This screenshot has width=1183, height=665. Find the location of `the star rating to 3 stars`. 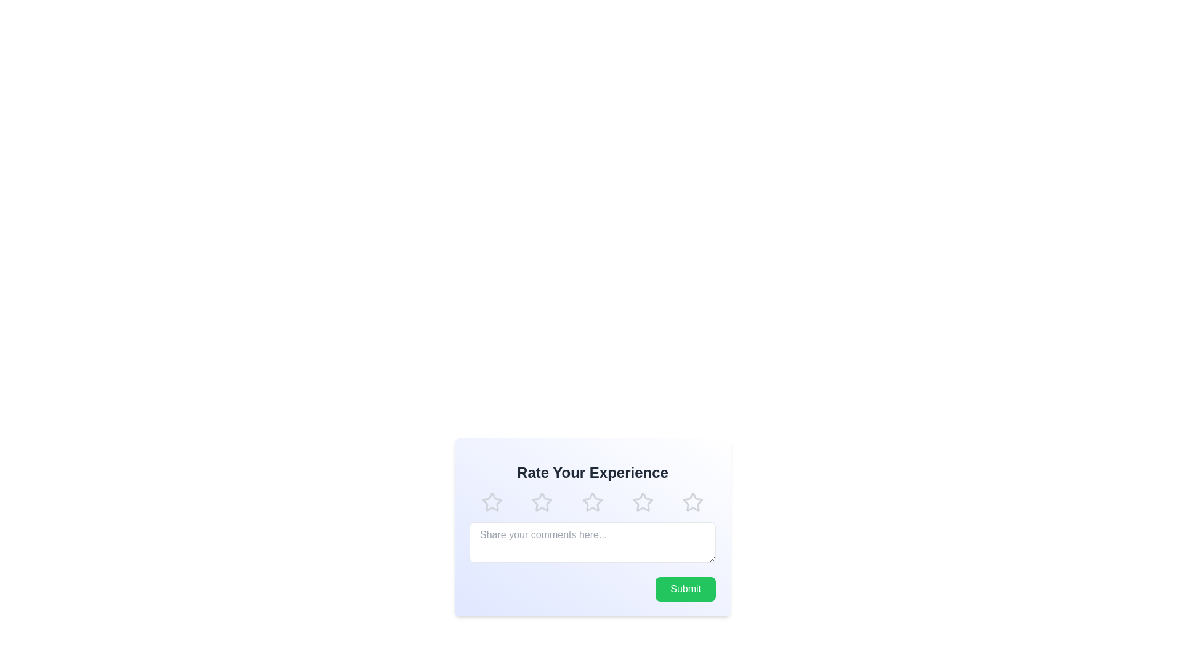

the star rating to 3 stars is located at coordinates (592, 502).